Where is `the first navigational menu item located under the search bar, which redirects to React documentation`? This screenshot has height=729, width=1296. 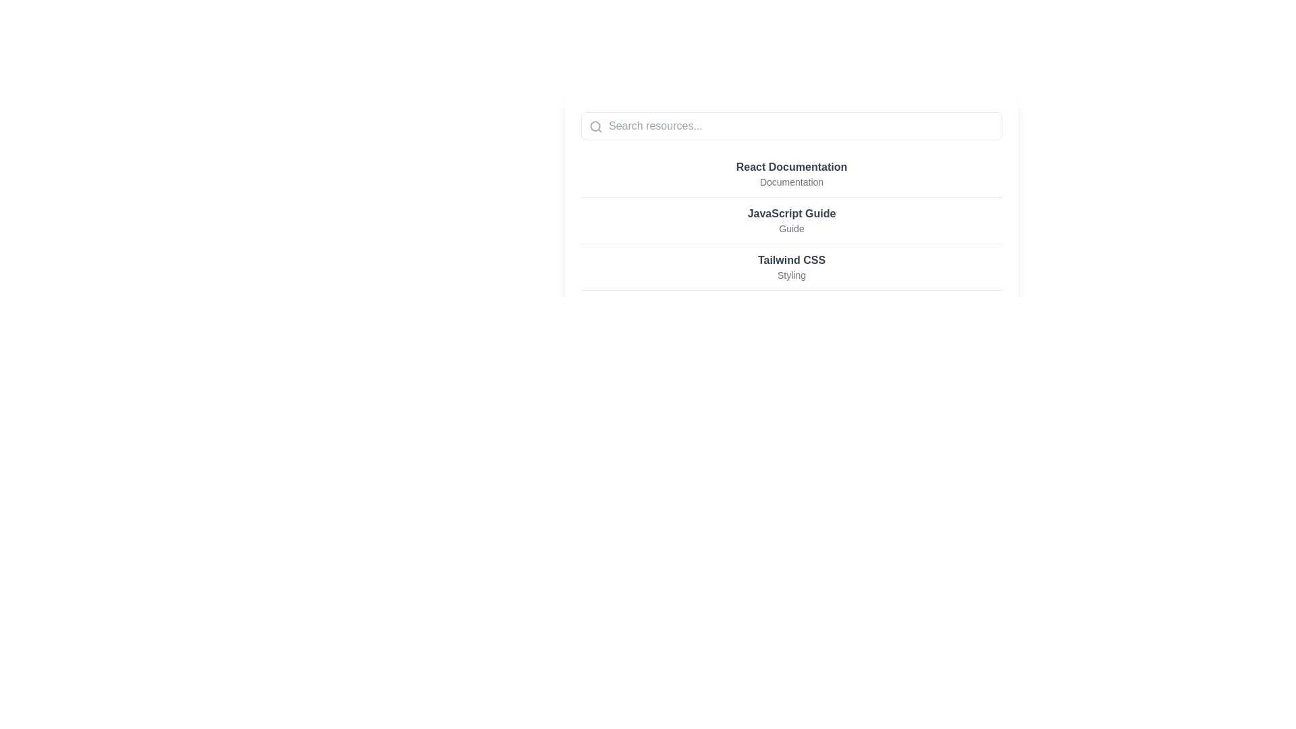 the first navigational menu item located under the search bar, which redirects to React documentation is located at coordinates (791, 173).